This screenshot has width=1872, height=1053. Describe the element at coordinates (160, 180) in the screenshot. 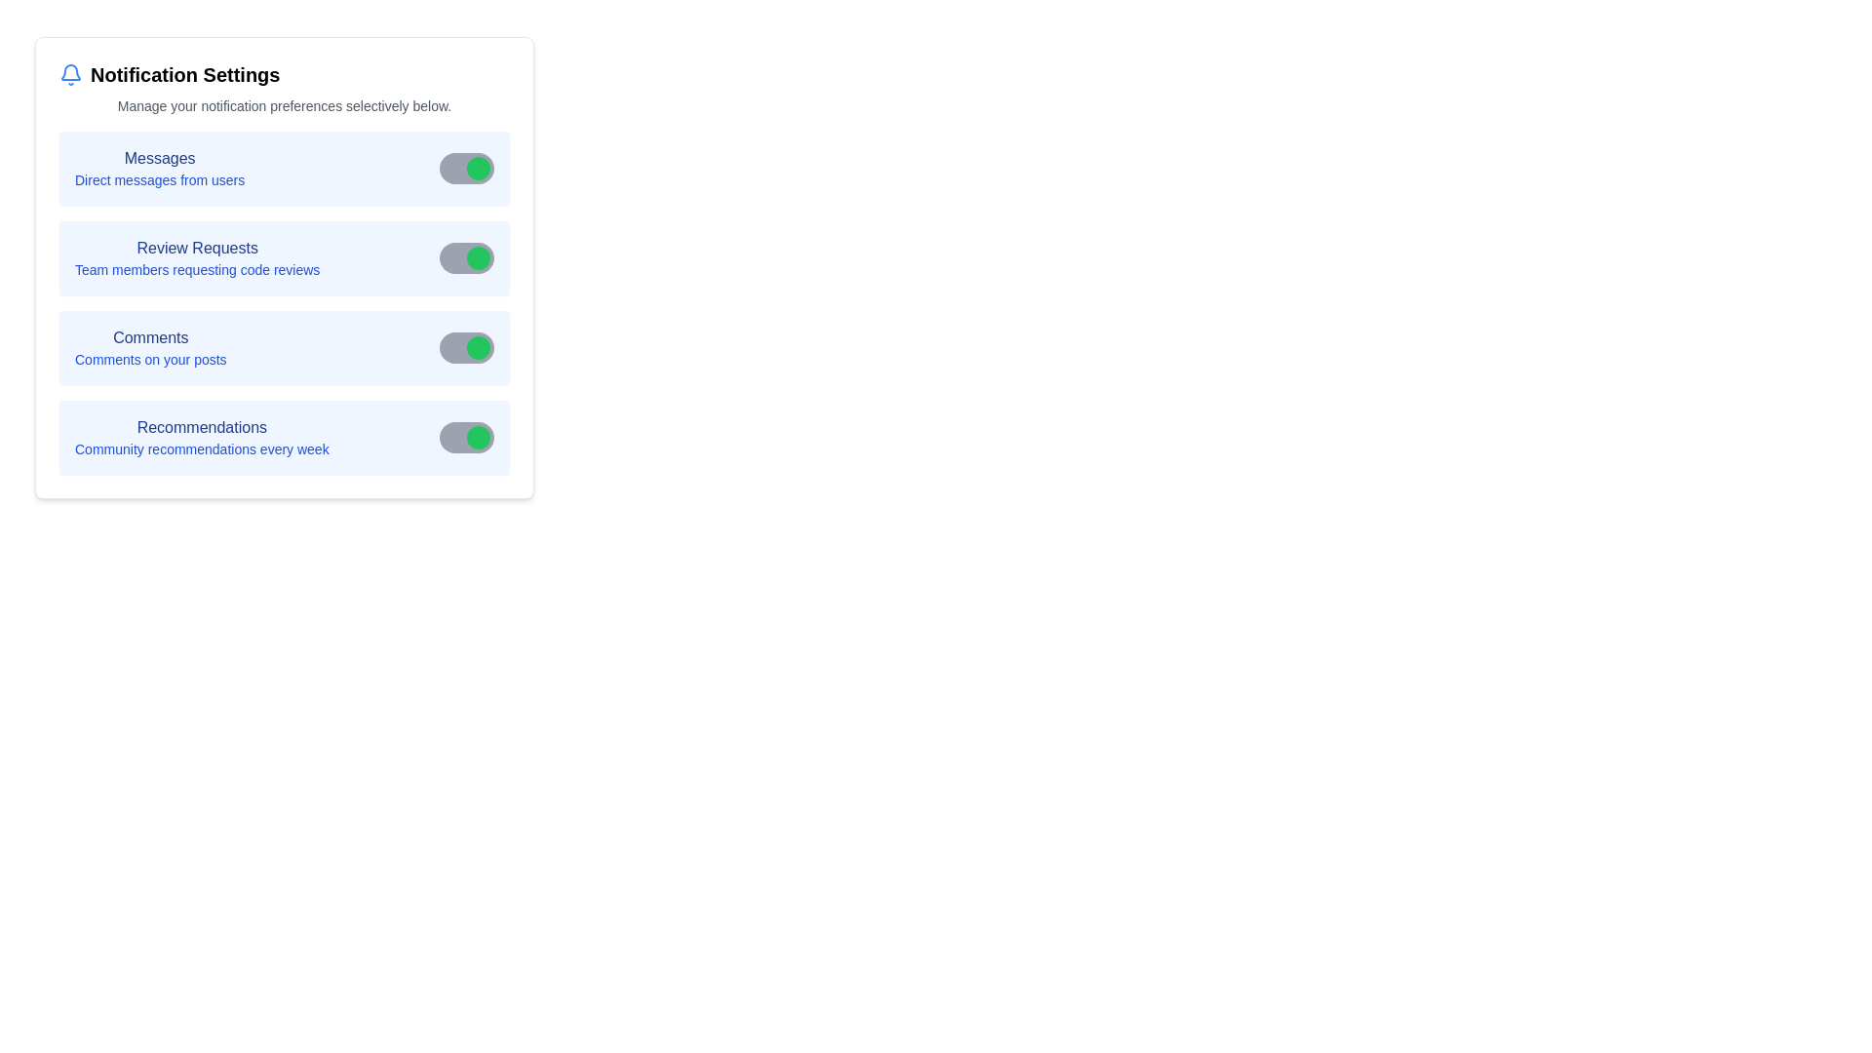

I see `the descriptive text element that provides an explanation for the 'Messages' section, which is located beneath the 'Messages' label in the settings interface` at that location.